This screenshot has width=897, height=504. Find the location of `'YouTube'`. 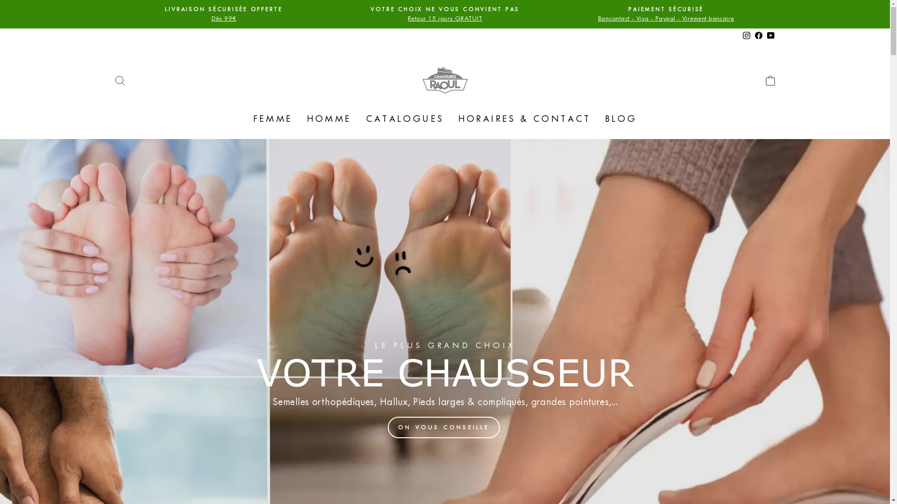

'YouTube' is located at coordinates (770, 35).